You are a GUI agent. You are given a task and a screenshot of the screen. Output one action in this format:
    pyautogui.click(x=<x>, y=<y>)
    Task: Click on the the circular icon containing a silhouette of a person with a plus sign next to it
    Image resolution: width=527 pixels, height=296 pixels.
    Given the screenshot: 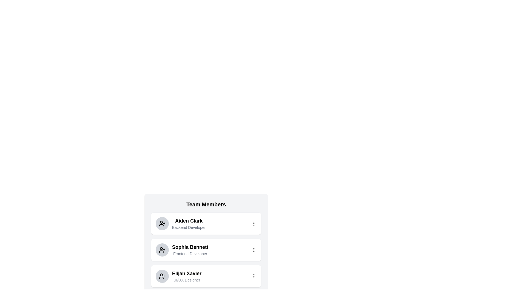 What is the action you would take?
    pyautogui.click(x=162, y=250)
    